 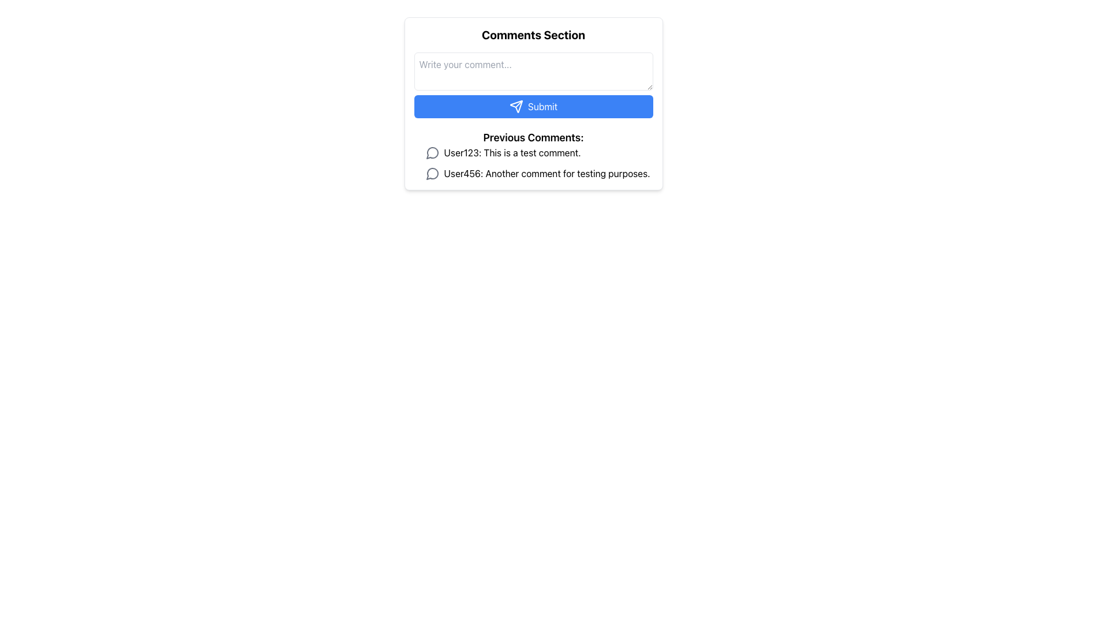 I want to click on the speech bubble icon that represents a comment or message, located to the left of 'User123: This is a test comment.', so click(x=431, y=152).